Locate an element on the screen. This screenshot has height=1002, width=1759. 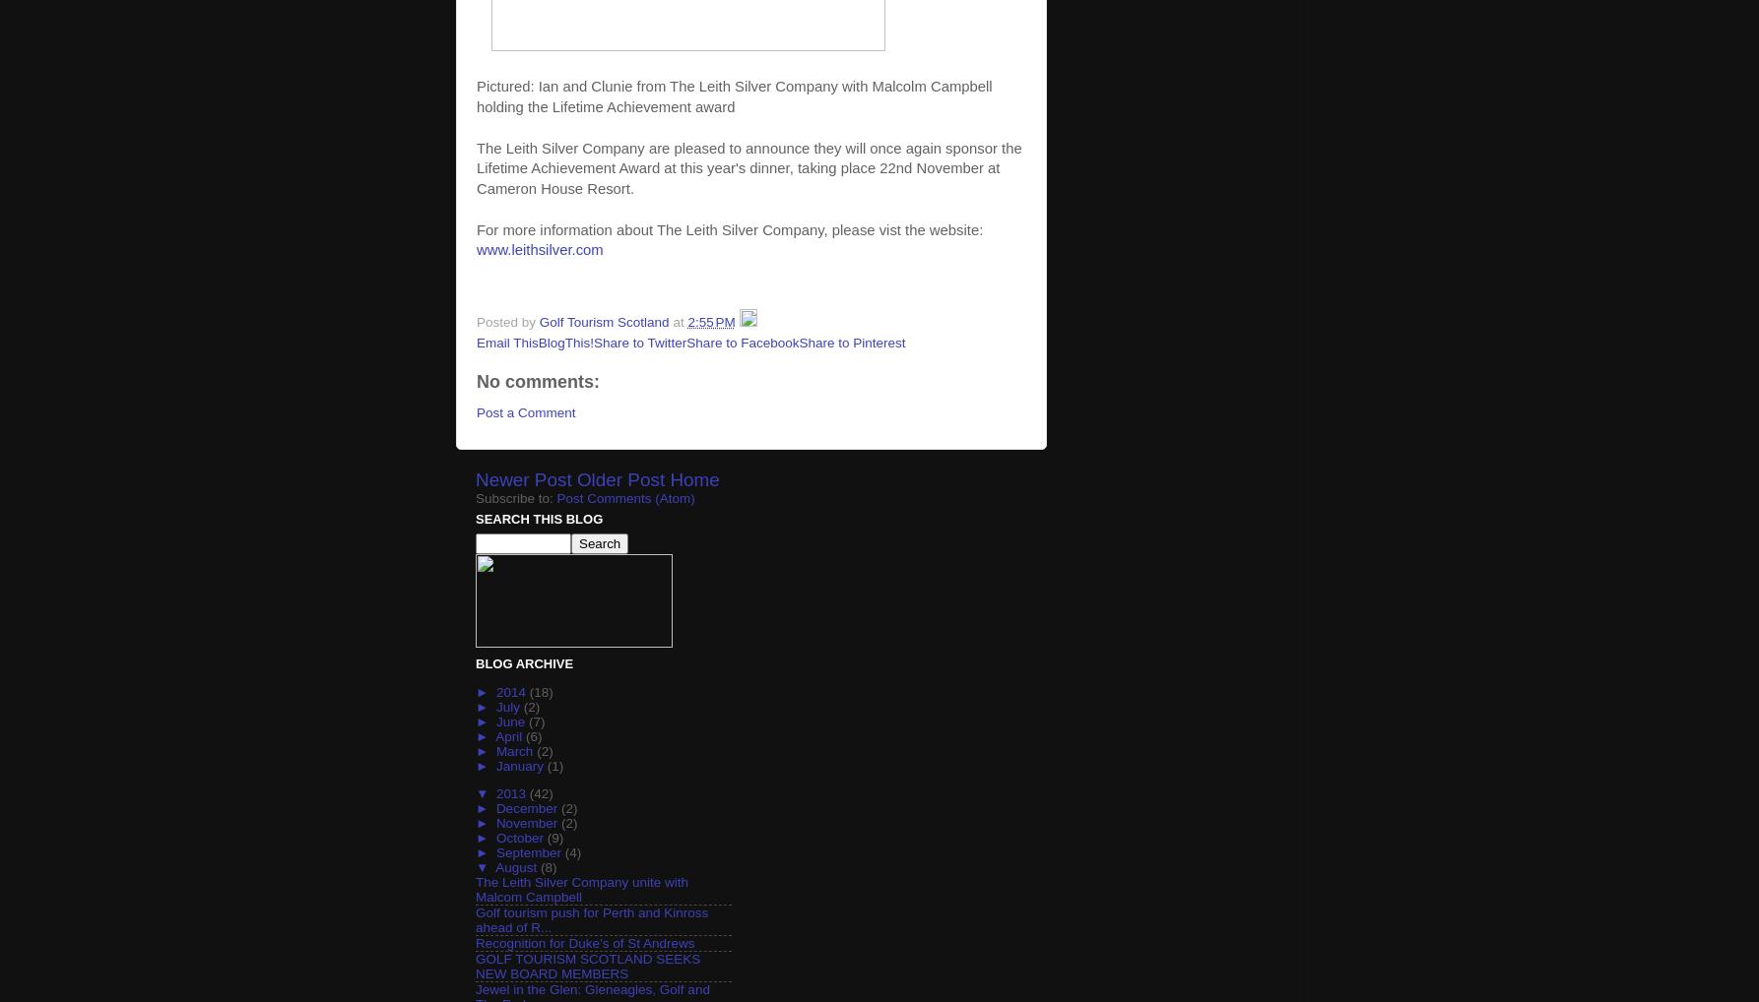
'For more information about The Leith Silver Company, please vist the website:' is located at coordinates (730, 228).